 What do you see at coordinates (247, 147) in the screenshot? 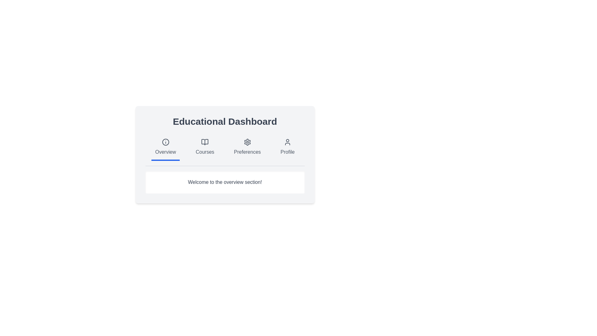
I see `the 'Preferences' button in the navigation bar, which features a gear icon and is located between 'Courses' and 'Profile'` at bounding box center [247, 147].